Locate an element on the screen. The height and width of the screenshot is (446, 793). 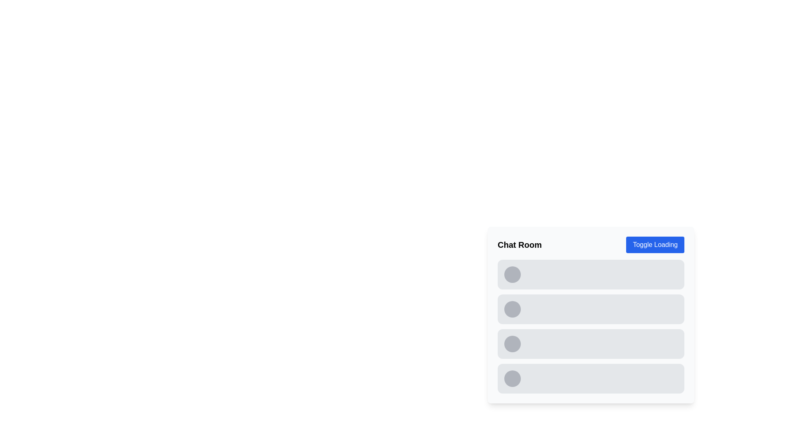
the second item in the vertically stacked list of placeholders located in the center-right of the view is located at coordinates (590, 309).